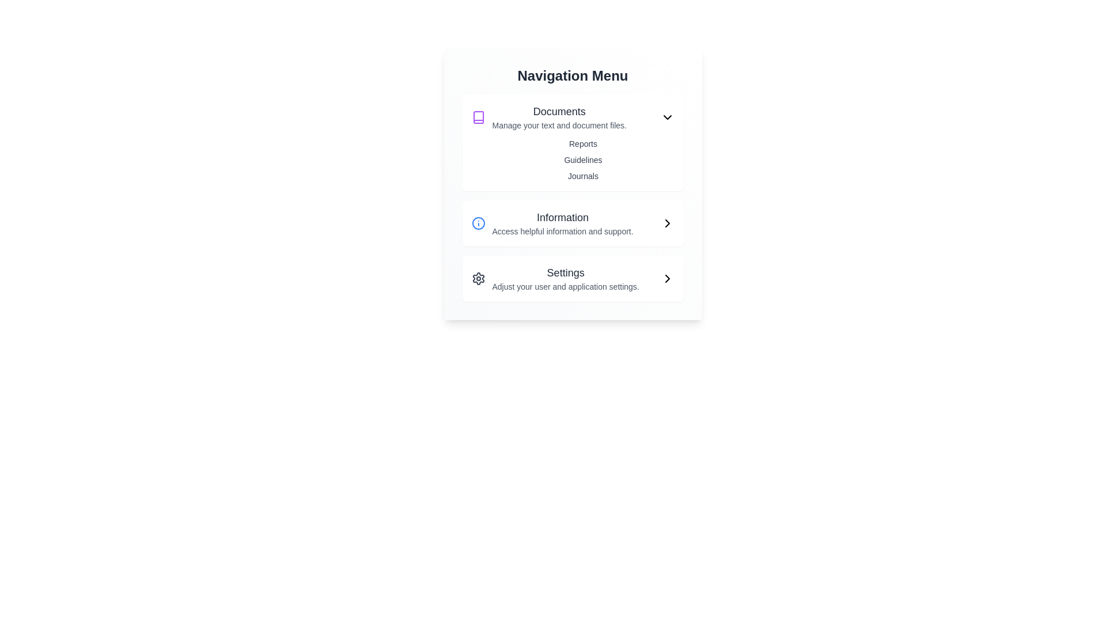 The width and height of the screenshot is (1106, 622). Describe the element at coordinates (573, 223) in the screenshot. I see `the Interactive navigation link labeled 'Information' with a blue circular icon and a right-pointing chevron arrow` at that location.